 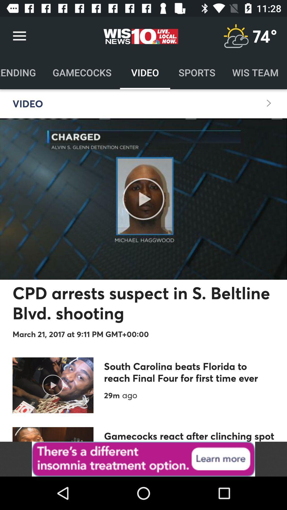 I want to click on advertisement, so click(x=143, y=459).